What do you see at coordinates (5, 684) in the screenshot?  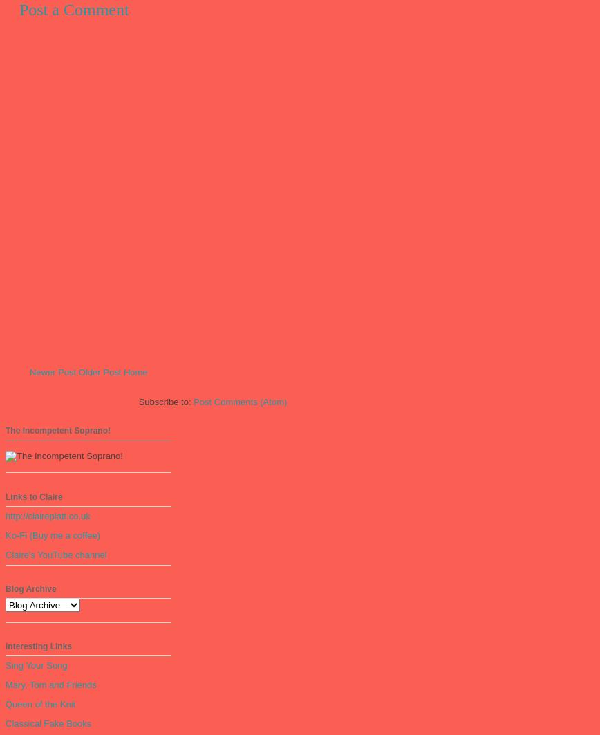 I see `'Mary, Tom and Friends'` at bounding box center [5, 684].